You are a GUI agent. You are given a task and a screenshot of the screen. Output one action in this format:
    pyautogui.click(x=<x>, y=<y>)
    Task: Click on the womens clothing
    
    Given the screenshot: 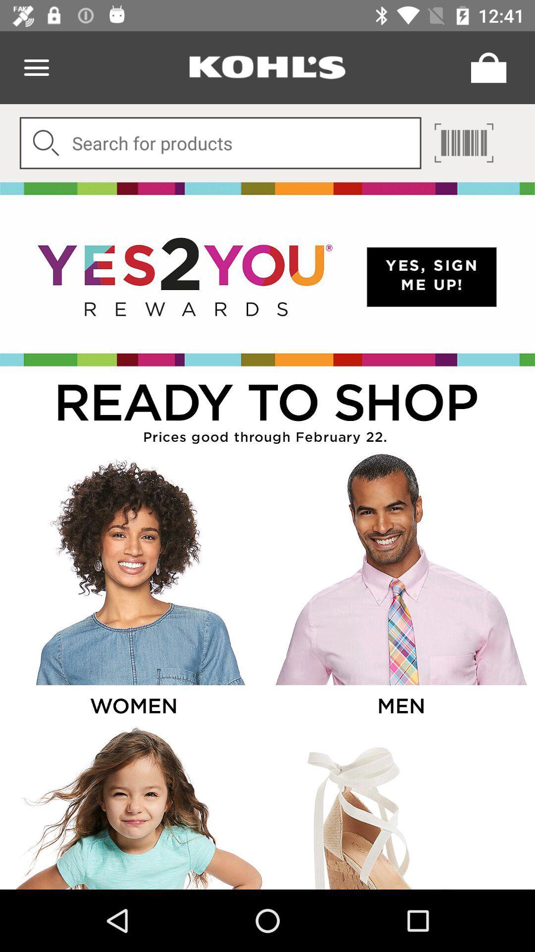 What is the action you would take?
    pyautogui.click(x=132, y=588)
    